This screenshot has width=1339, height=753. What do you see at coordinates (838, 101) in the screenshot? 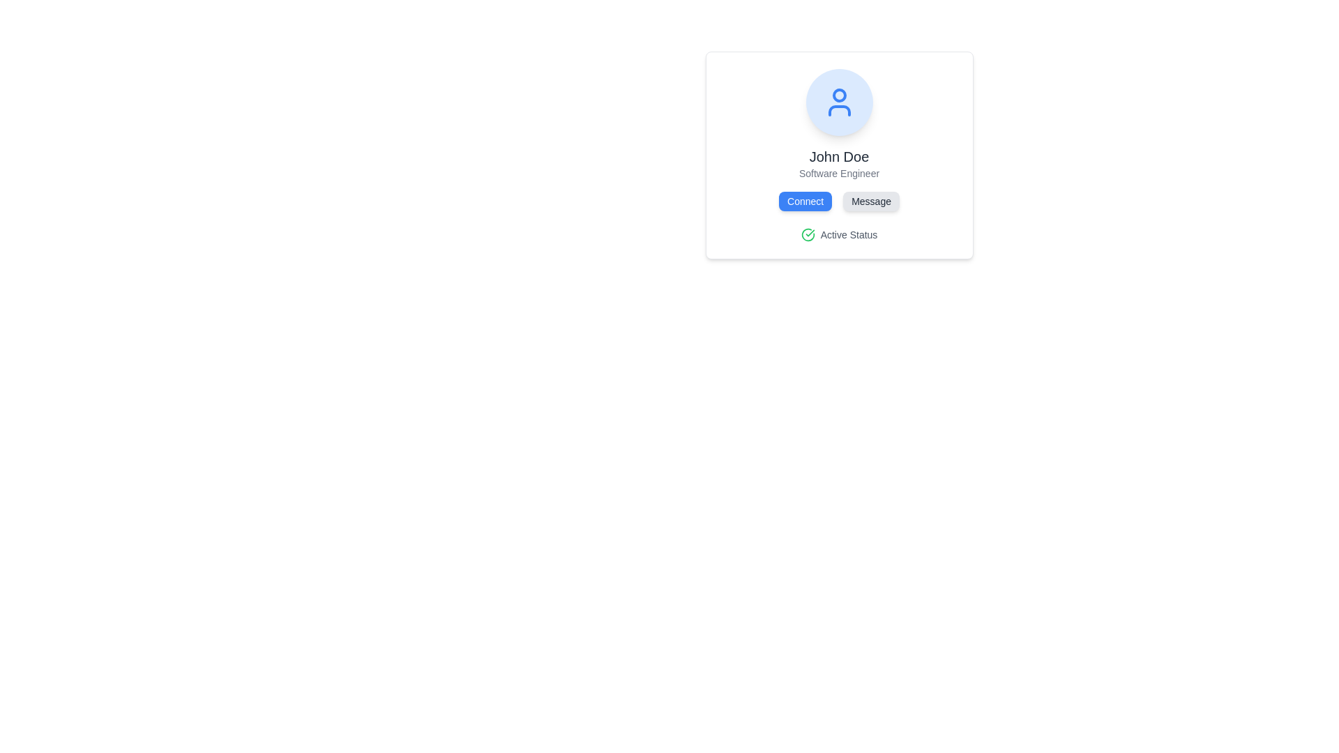
I see `the user profile icon, which is centrally positioned within a rounded, blue-outlined area at the top of the user profile card` at bounding box center [838, 101].